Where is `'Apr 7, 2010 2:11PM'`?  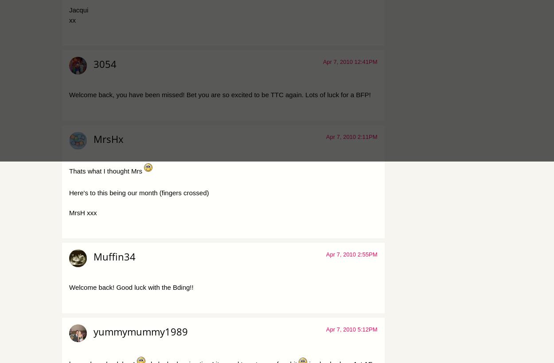 'Apr 7, 2010 2:11PM' is located at coordinates (351, 136).